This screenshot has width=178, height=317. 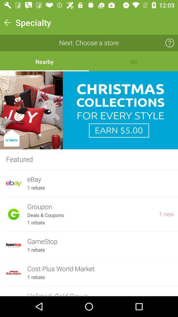 What do you see at coordinates (169, 42) in the screenshot?
I see `icon which is next to next choose a store` at bounding box center [169, 42].